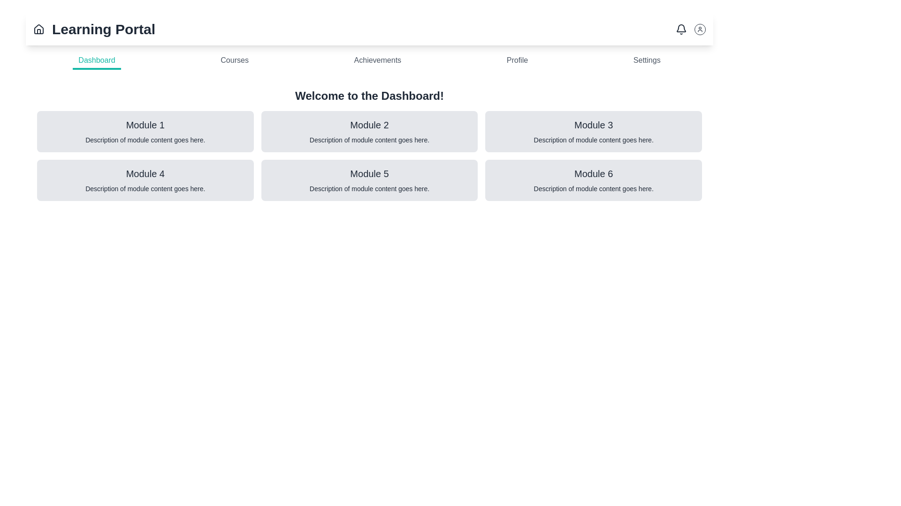 The height and width of the screenshot is (506, 901). Describe the element at coordinates (593, 140) in the screenshot. I see `the text element located underneath the bold header 'Module 3' in the top-right card of the grid layout` at that location.